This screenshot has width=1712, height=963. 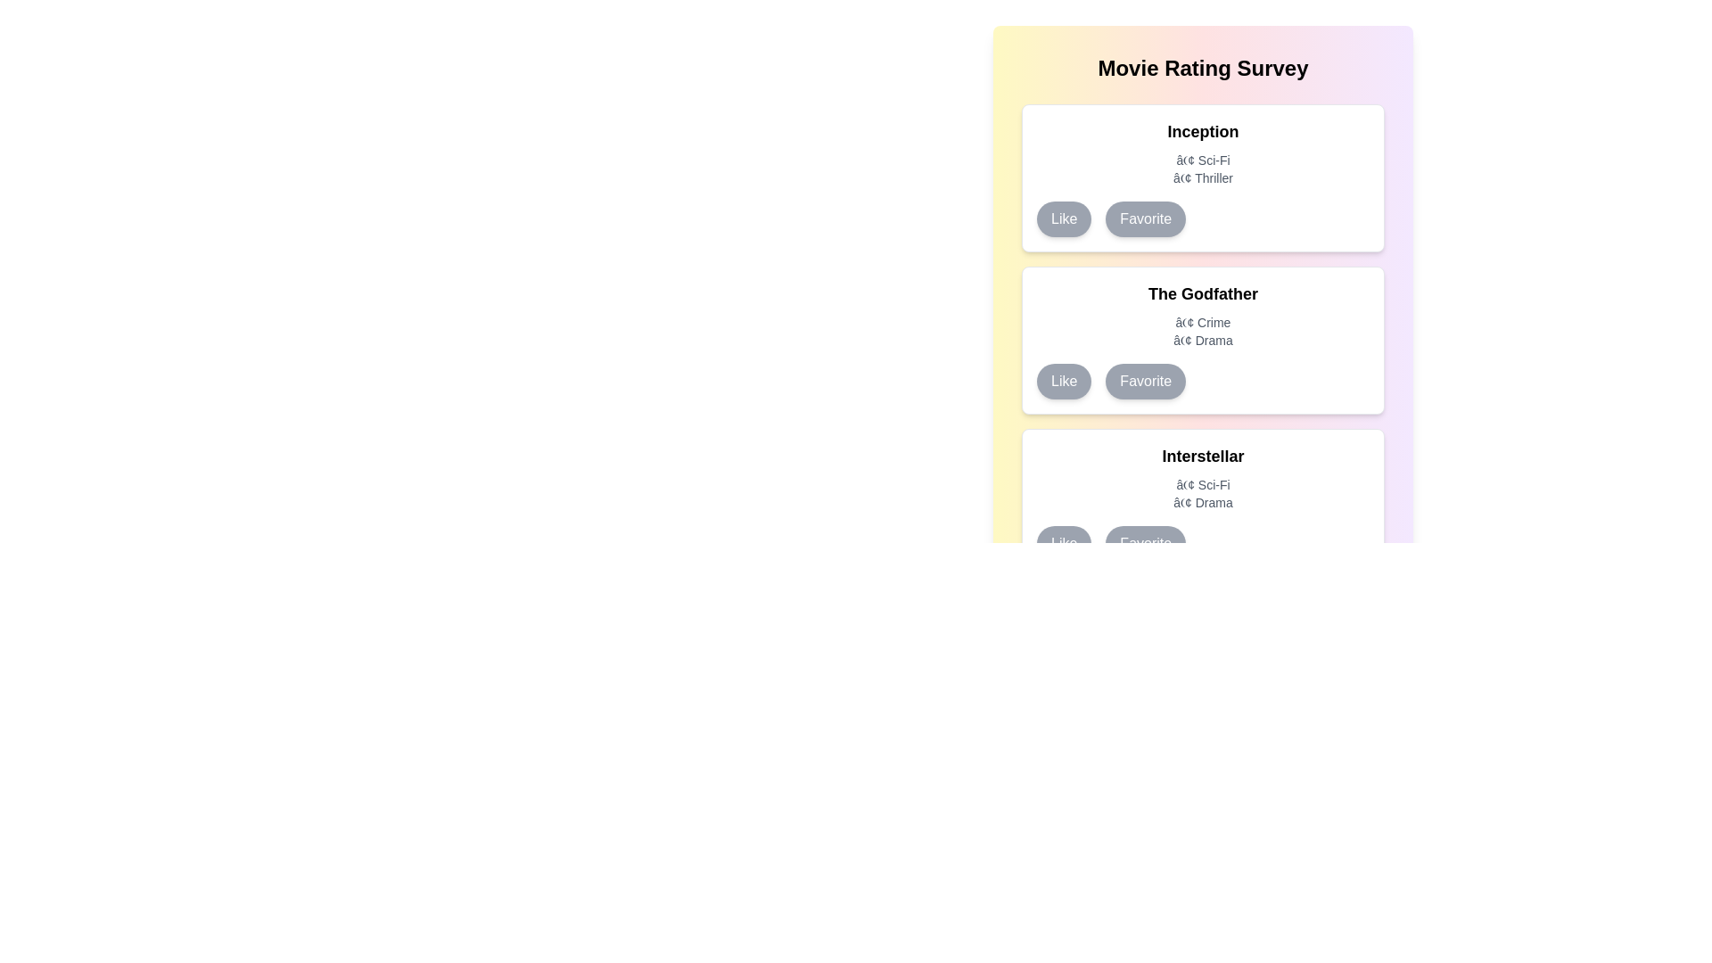 What do you see at coordinates (1203, 456) in the screenshot?
I see `the text element displaying the title 'Interstellar', which is in bold font and positioned at the top of a white card` at bounding box center [1203, 456].